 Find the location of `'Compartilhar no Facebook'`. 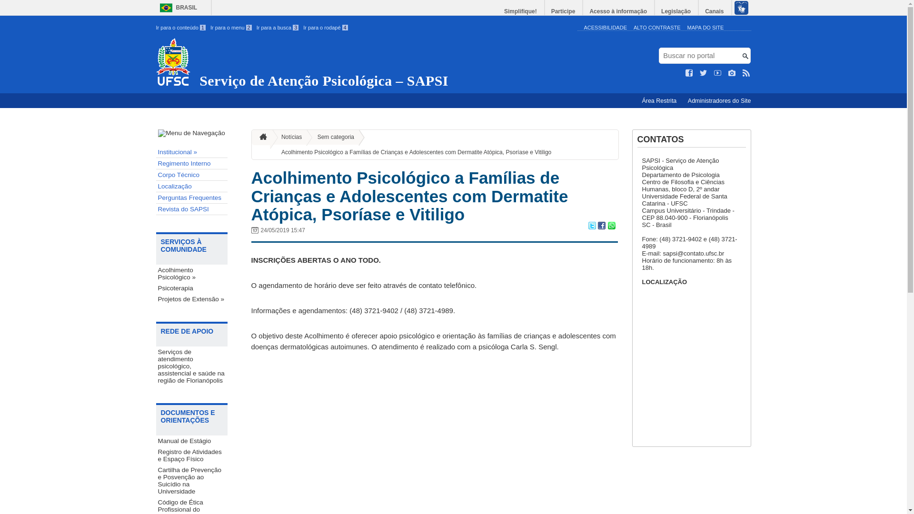

'Compartilhar no Facebook' is located at coordinates (601, 227).